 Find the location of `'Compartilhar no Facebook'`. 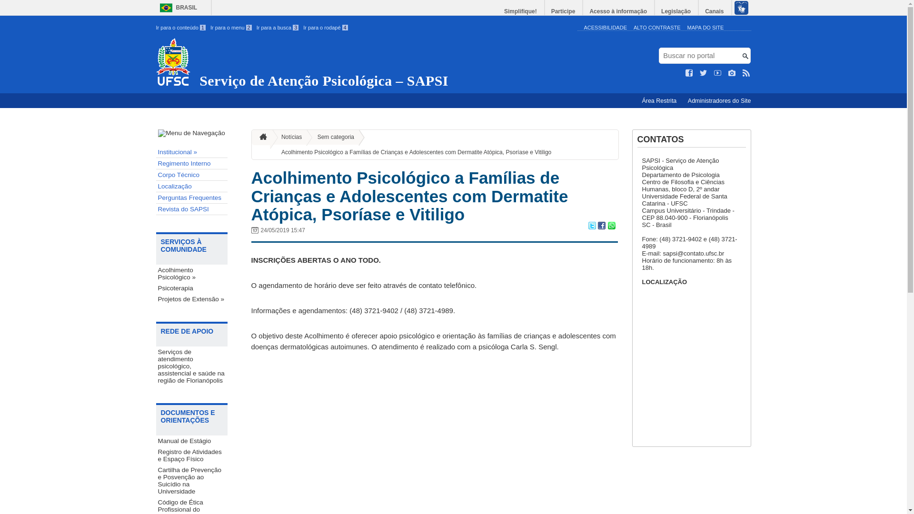

'Compartilhar no Facebook' is located at coordinates (601, 227).